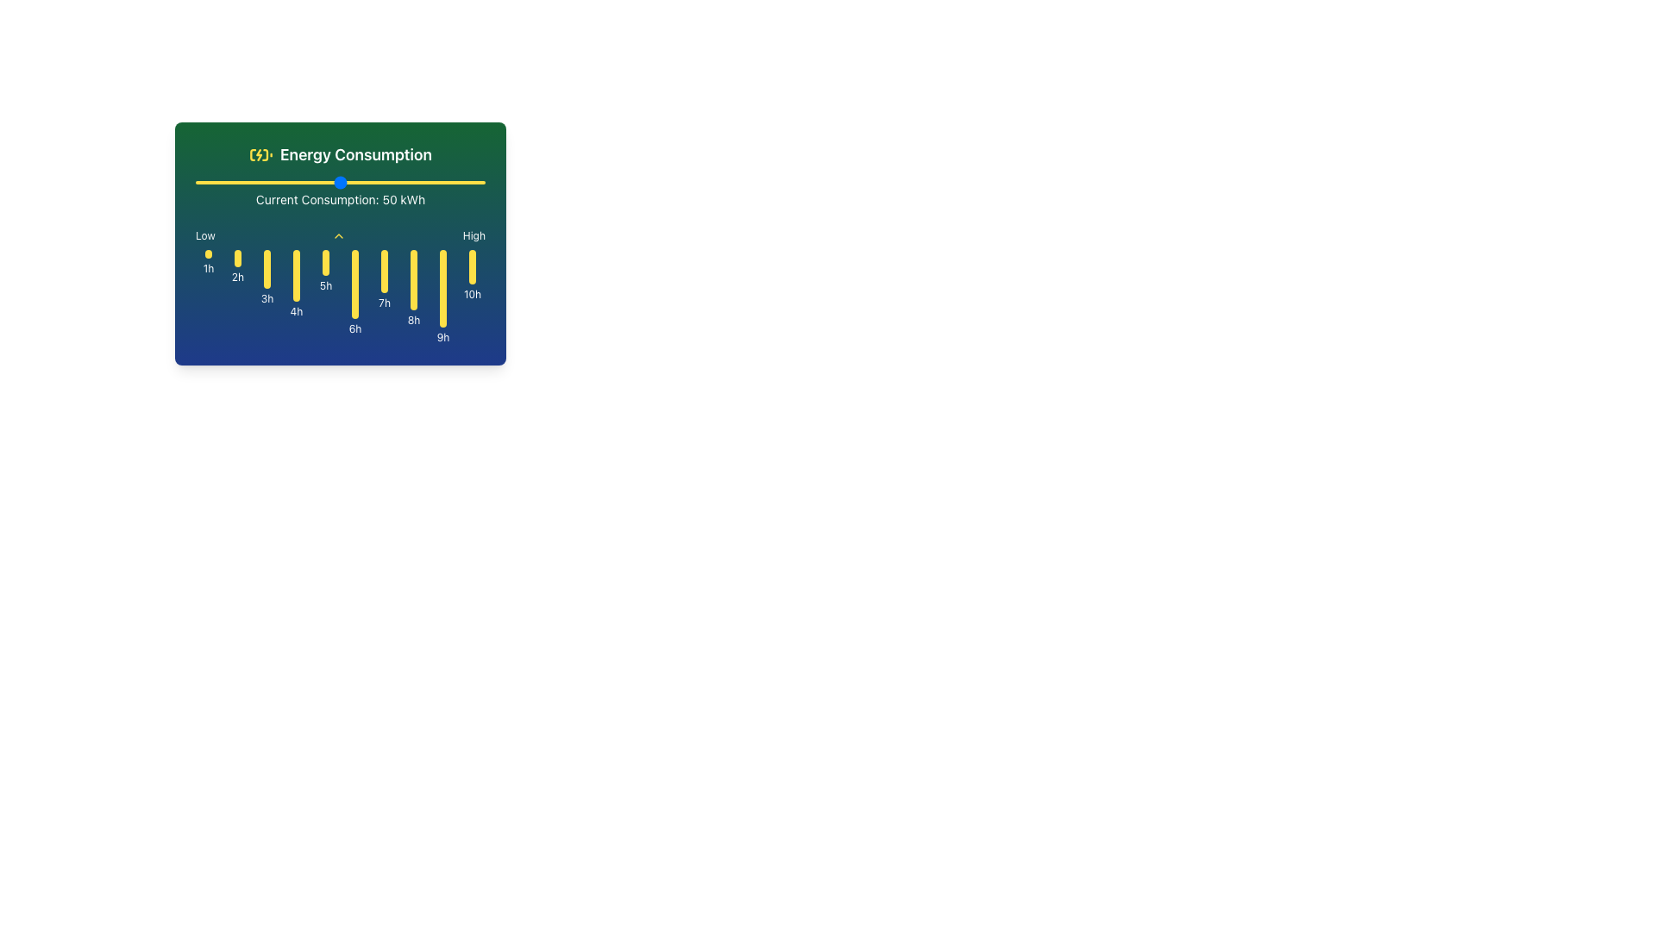  What do you see at coordinates (442, 338) in the screenshot?
I see `the Text Label marking the 9-hour point in the timeline, located in the bottom-right region of the card-shaped interface` at bounding box center [442, 338].